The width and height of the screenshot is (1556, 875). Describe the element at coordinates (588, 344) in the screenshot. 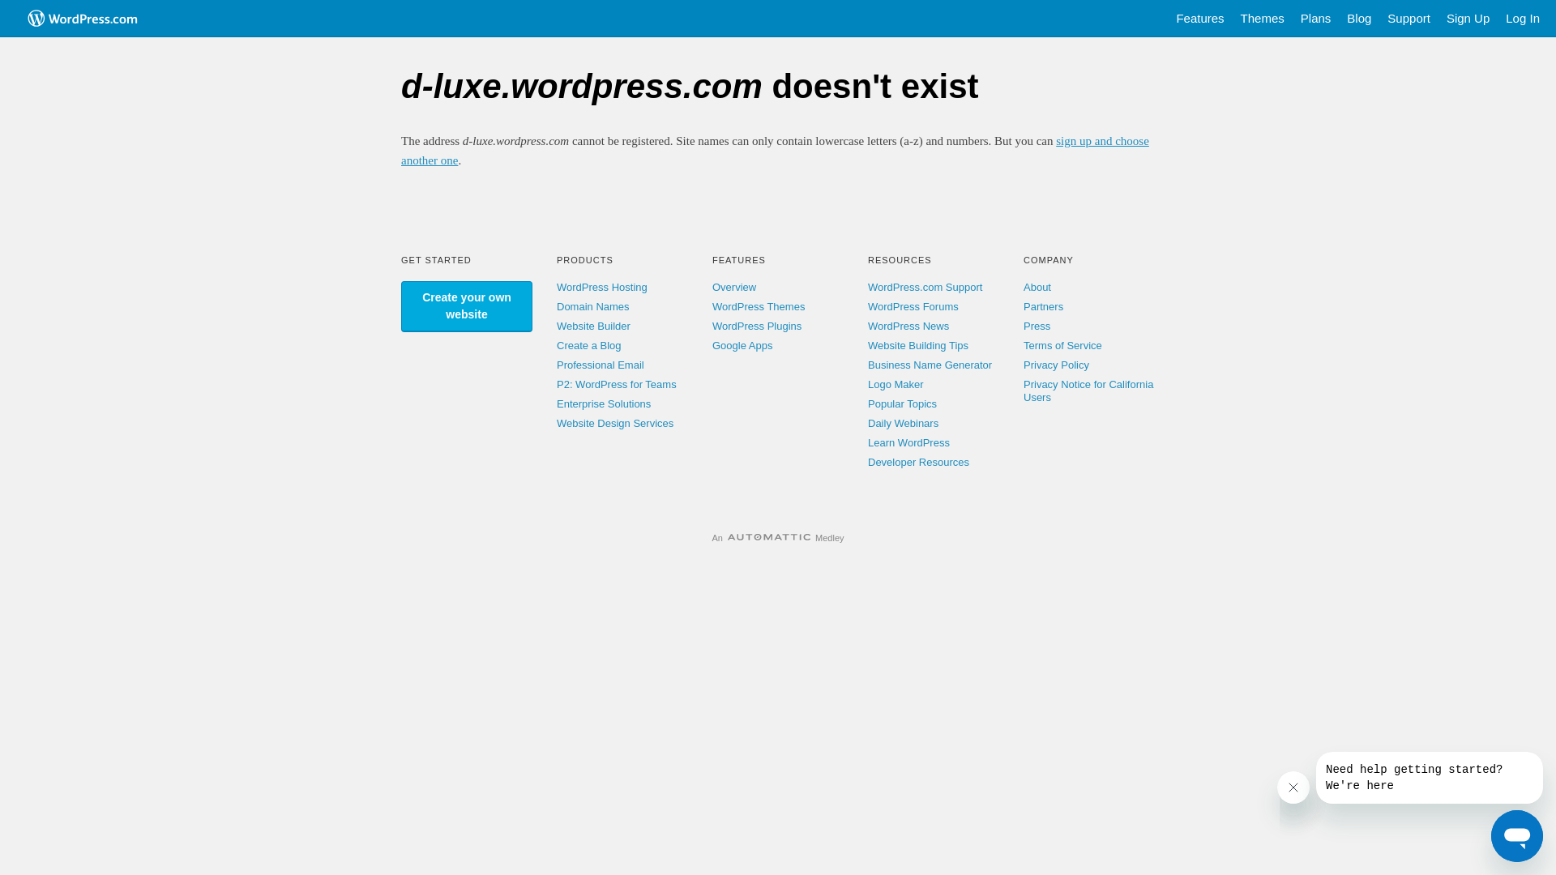

I see `'Create a Blog'` at that location.